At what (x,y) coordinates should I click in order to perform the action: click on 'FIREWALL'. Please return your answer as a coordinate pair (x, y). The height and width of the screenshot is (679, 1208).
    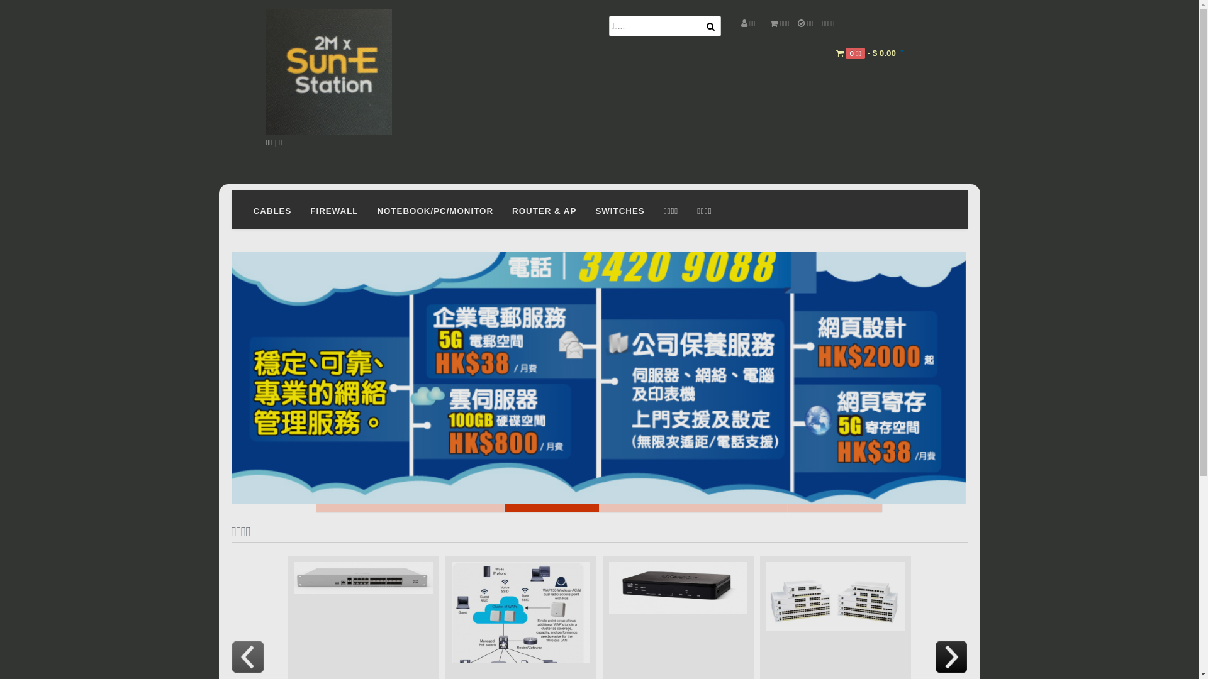
    Looking at the image, I should click on (334, 209).